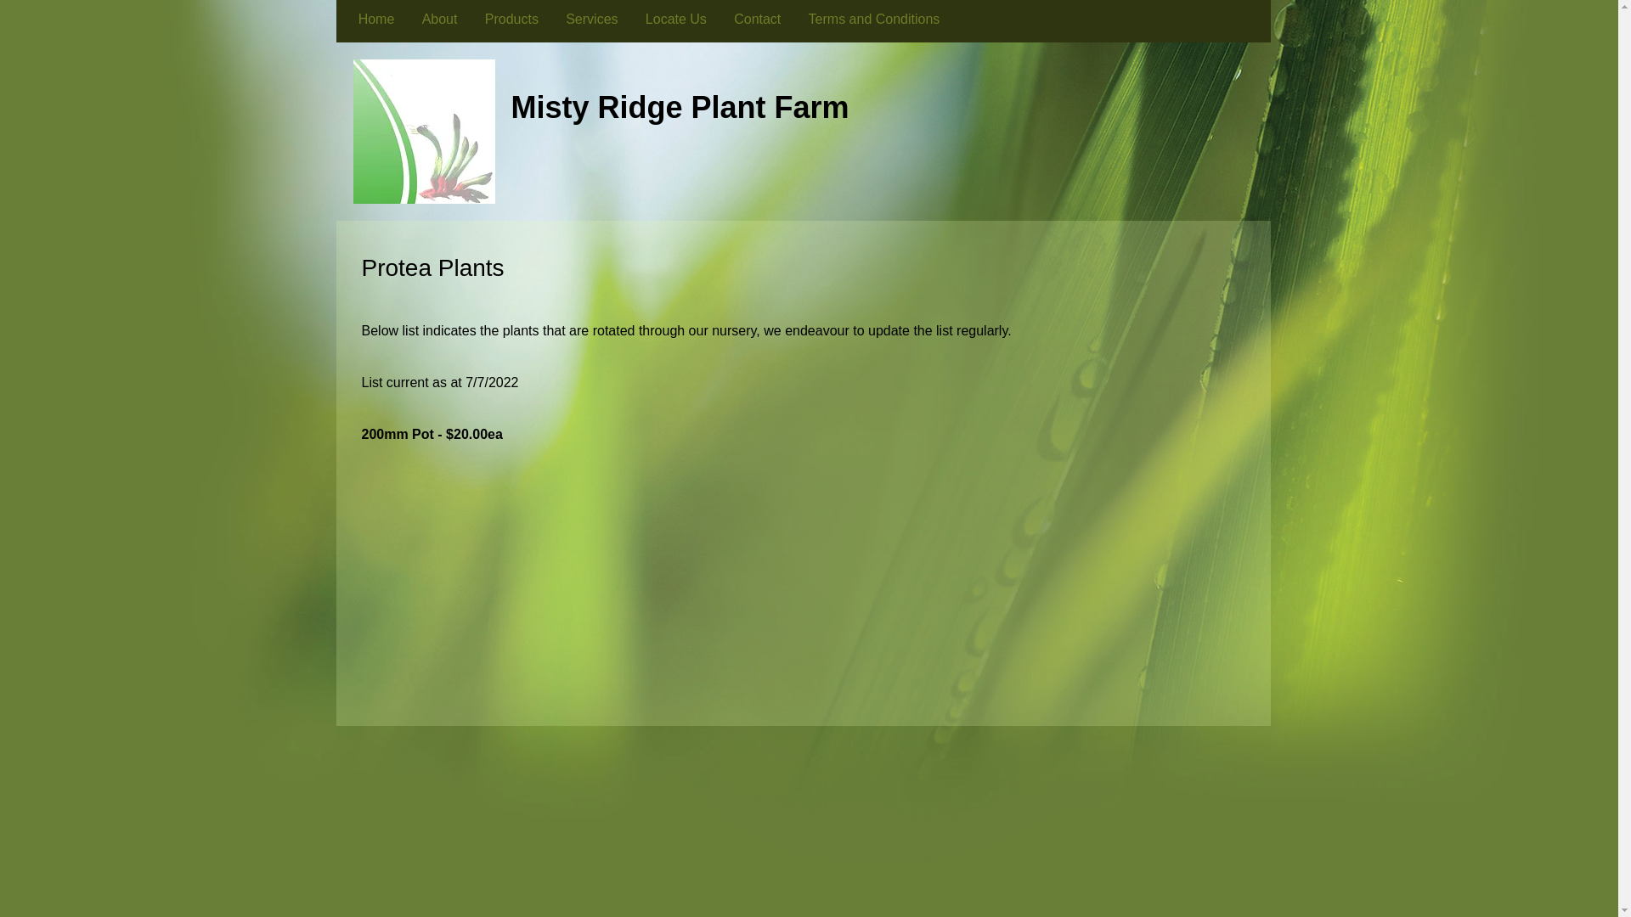 The image size is (1631, 917). Describe the element at coordinates (810, 598) in the screenshot. I see `'Embedded Content'` at that location.